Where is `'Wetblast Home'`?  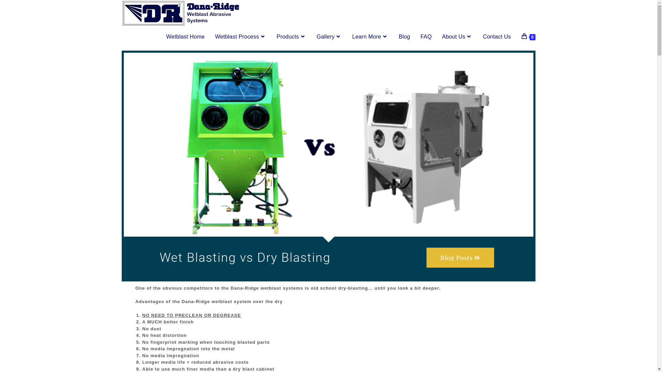 'Wetblast Home' is located at coordinates (160, 37).